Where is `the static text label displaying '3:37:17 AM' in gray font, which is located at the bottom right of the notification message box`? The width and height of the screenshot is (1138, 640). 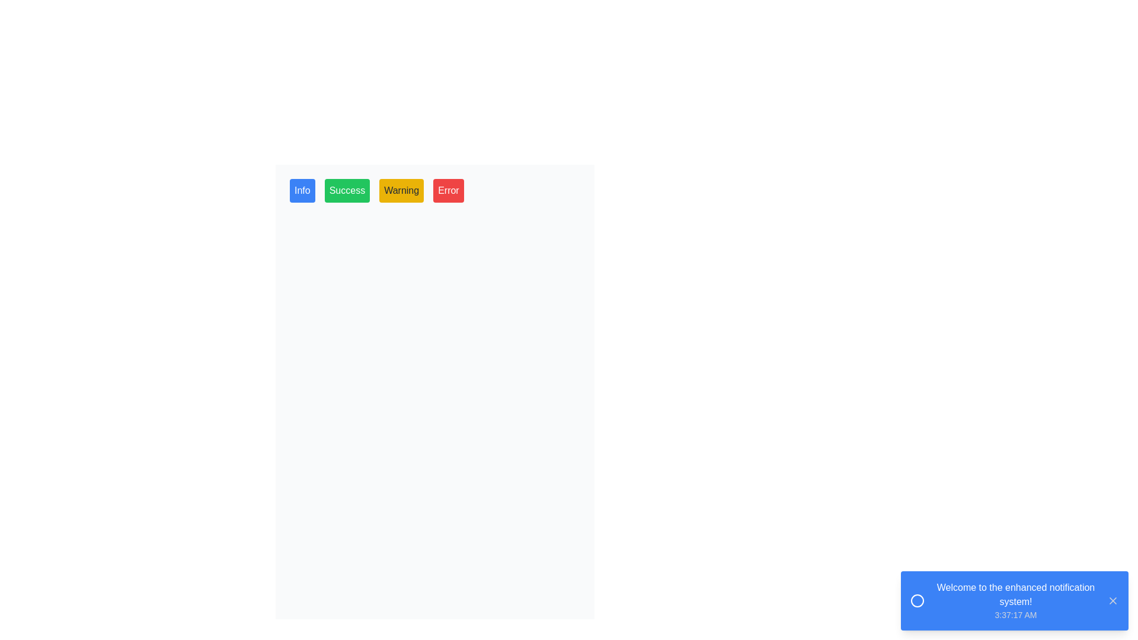 the static text label displaying '3:37:17 AM' in gray font, which is located at the bottom right of the notification message box is located at coordinates (1015, 614).